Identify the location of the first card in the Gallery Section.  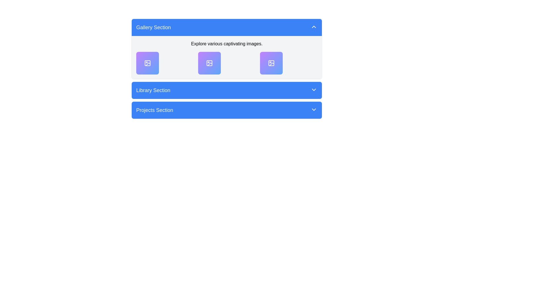
(147, 63).